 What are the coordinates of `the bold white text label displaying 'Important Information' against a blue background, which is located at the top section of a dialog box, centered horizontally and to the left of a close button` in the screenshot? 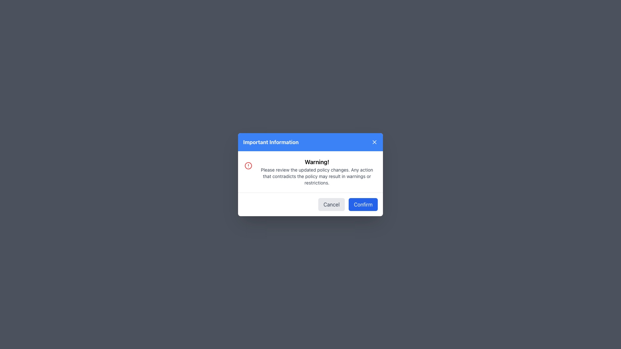 It's located at (271, 142).